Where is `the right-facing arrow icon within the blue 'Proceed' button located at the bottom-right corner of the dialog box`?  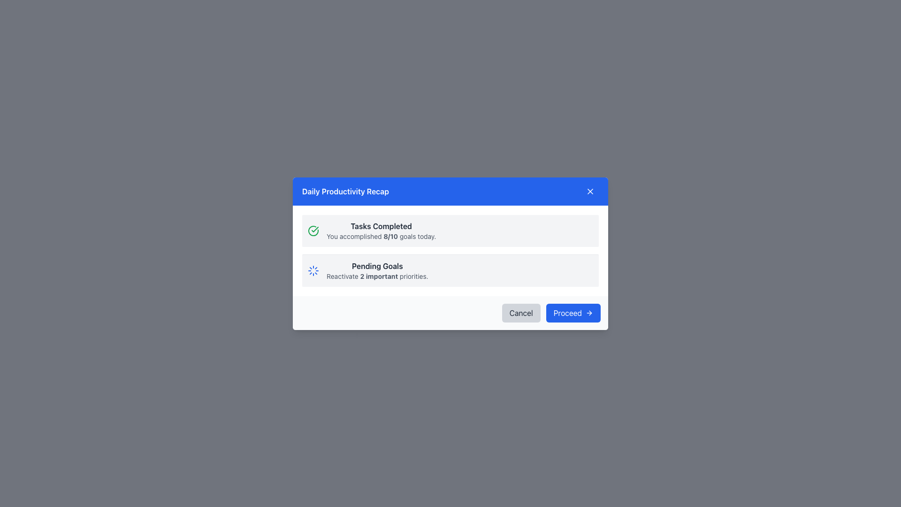
the right-facing arrow icon within the blue 'Proceed' button located at the bottom-right corner of the dialog box is located at coordinates (590, 313).